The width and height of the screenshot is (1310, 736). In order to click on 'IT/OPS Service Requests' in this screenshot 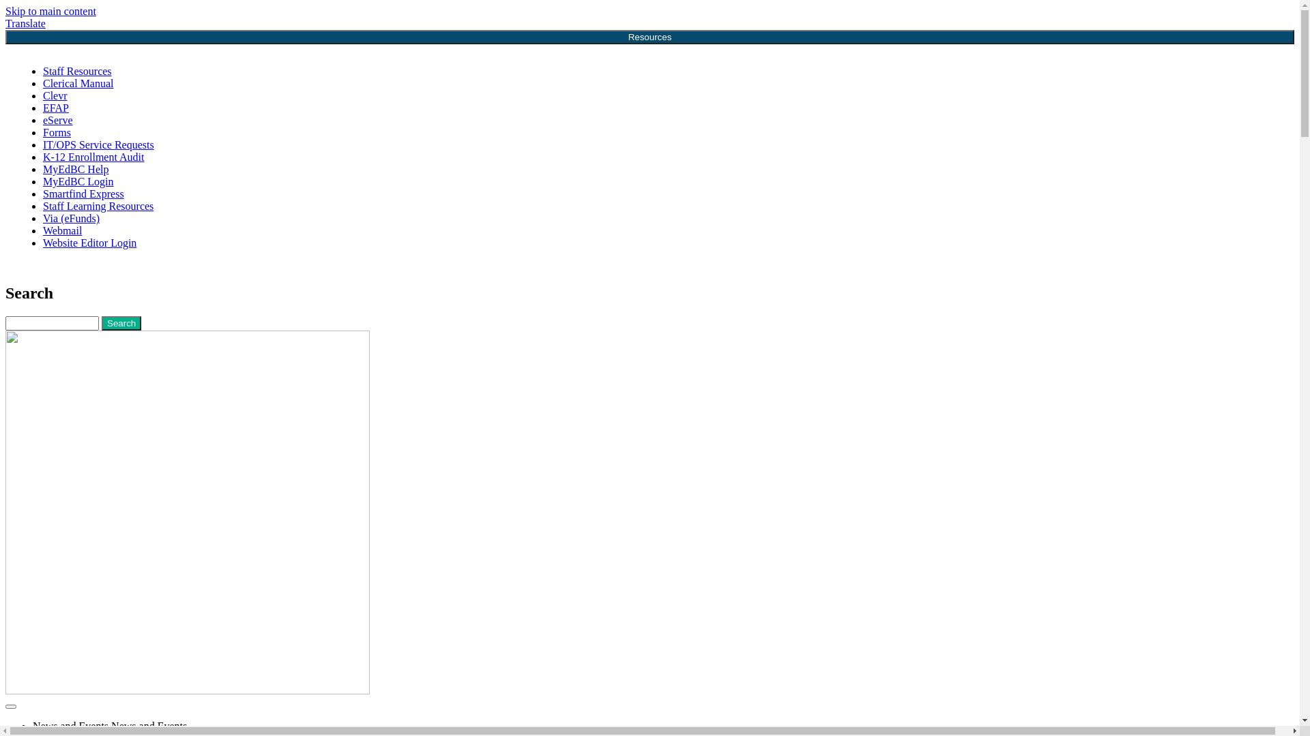, I will do `click(98, 144)`.